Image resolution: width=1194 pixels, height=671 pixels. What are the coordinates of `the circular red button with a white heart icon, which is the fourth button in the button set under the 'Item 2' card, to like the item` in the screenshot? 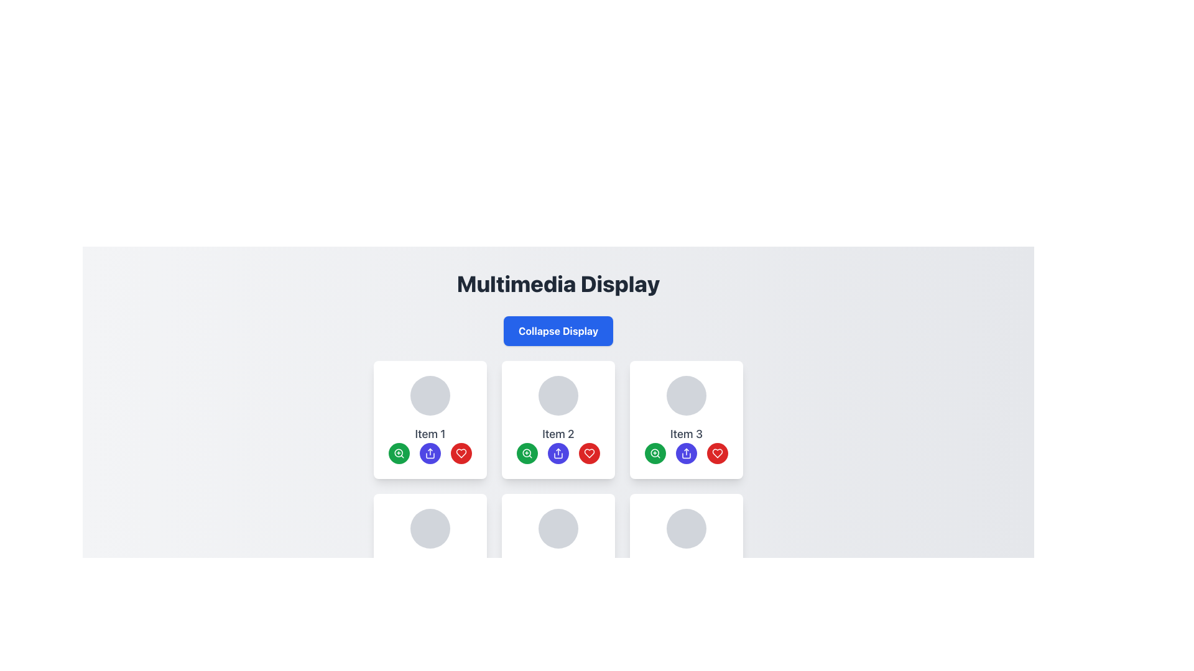 It's located at (589, 453).